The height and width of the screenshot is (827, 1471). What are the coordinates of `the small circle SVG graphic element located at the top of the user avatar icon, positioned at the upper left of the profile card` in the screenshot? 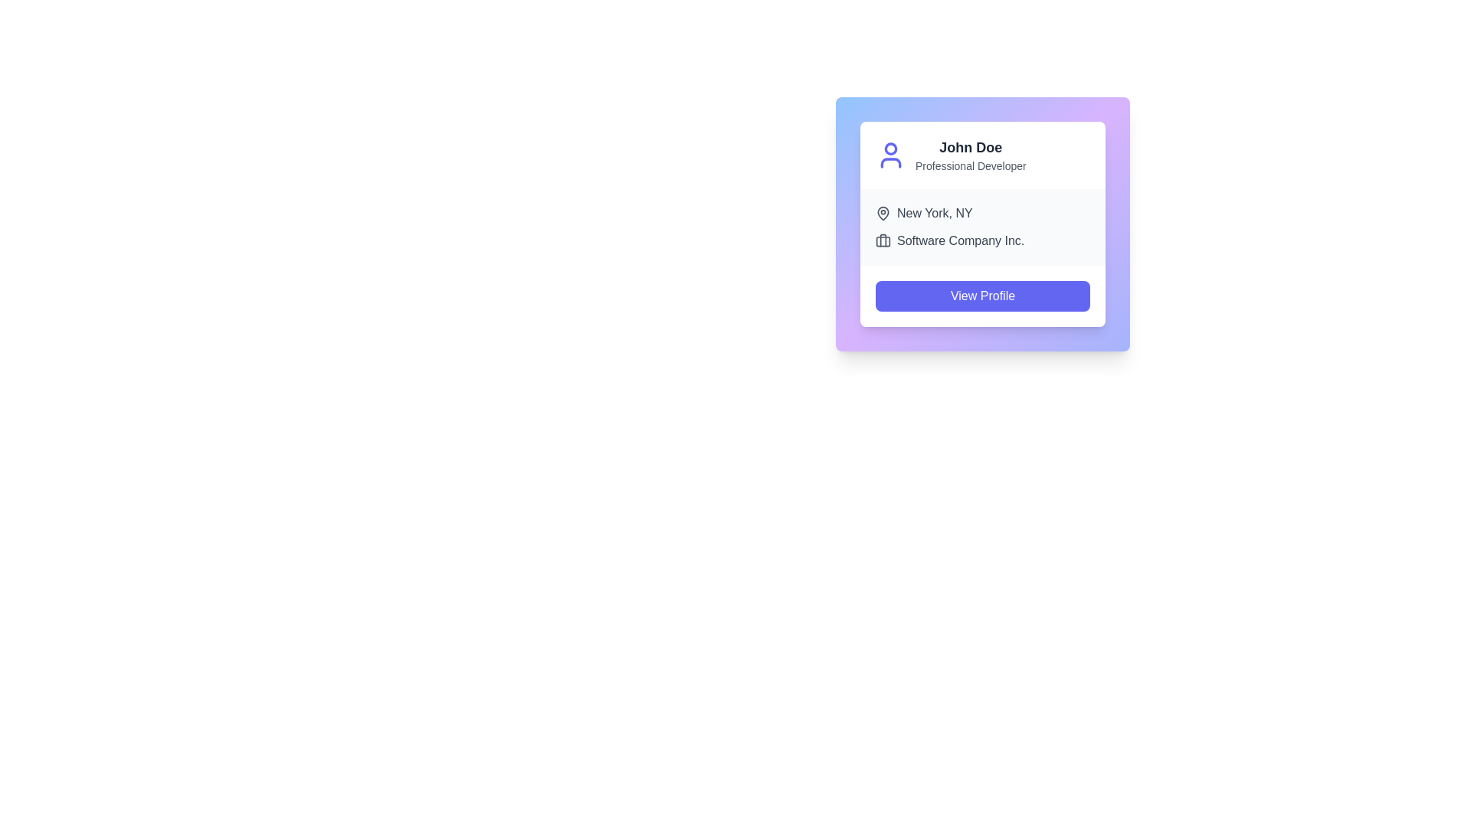 It's located at (890, 148).